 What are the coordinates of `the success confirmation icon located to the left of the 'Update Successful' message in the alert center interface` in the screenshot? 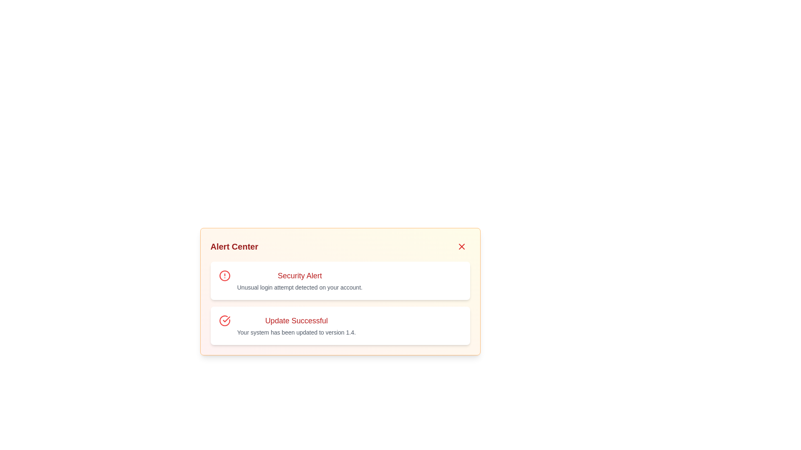 It's located at (224, 320).